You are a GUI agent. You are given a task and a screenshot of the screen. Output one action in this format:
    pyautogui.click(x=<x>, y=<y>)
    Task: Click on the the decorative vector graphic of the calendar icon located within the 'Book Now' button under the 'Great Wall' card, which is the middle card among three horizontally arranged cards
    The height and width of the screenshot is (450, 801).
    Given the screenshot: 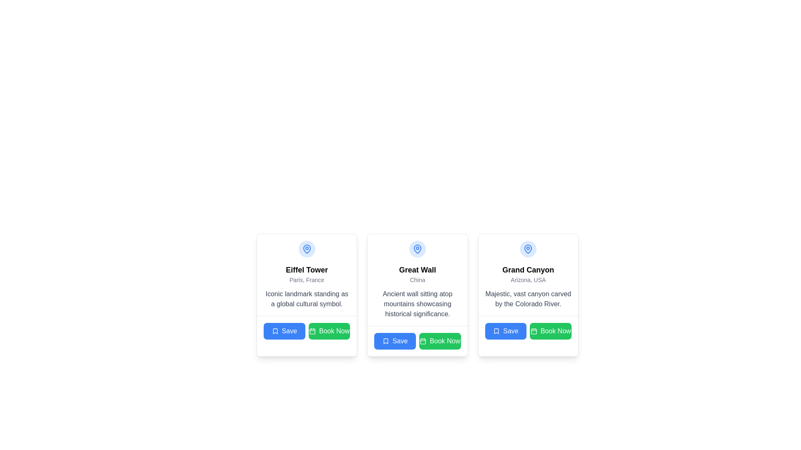 What is the action you would take?
    pyautogui.click(x=423, y=341)
    